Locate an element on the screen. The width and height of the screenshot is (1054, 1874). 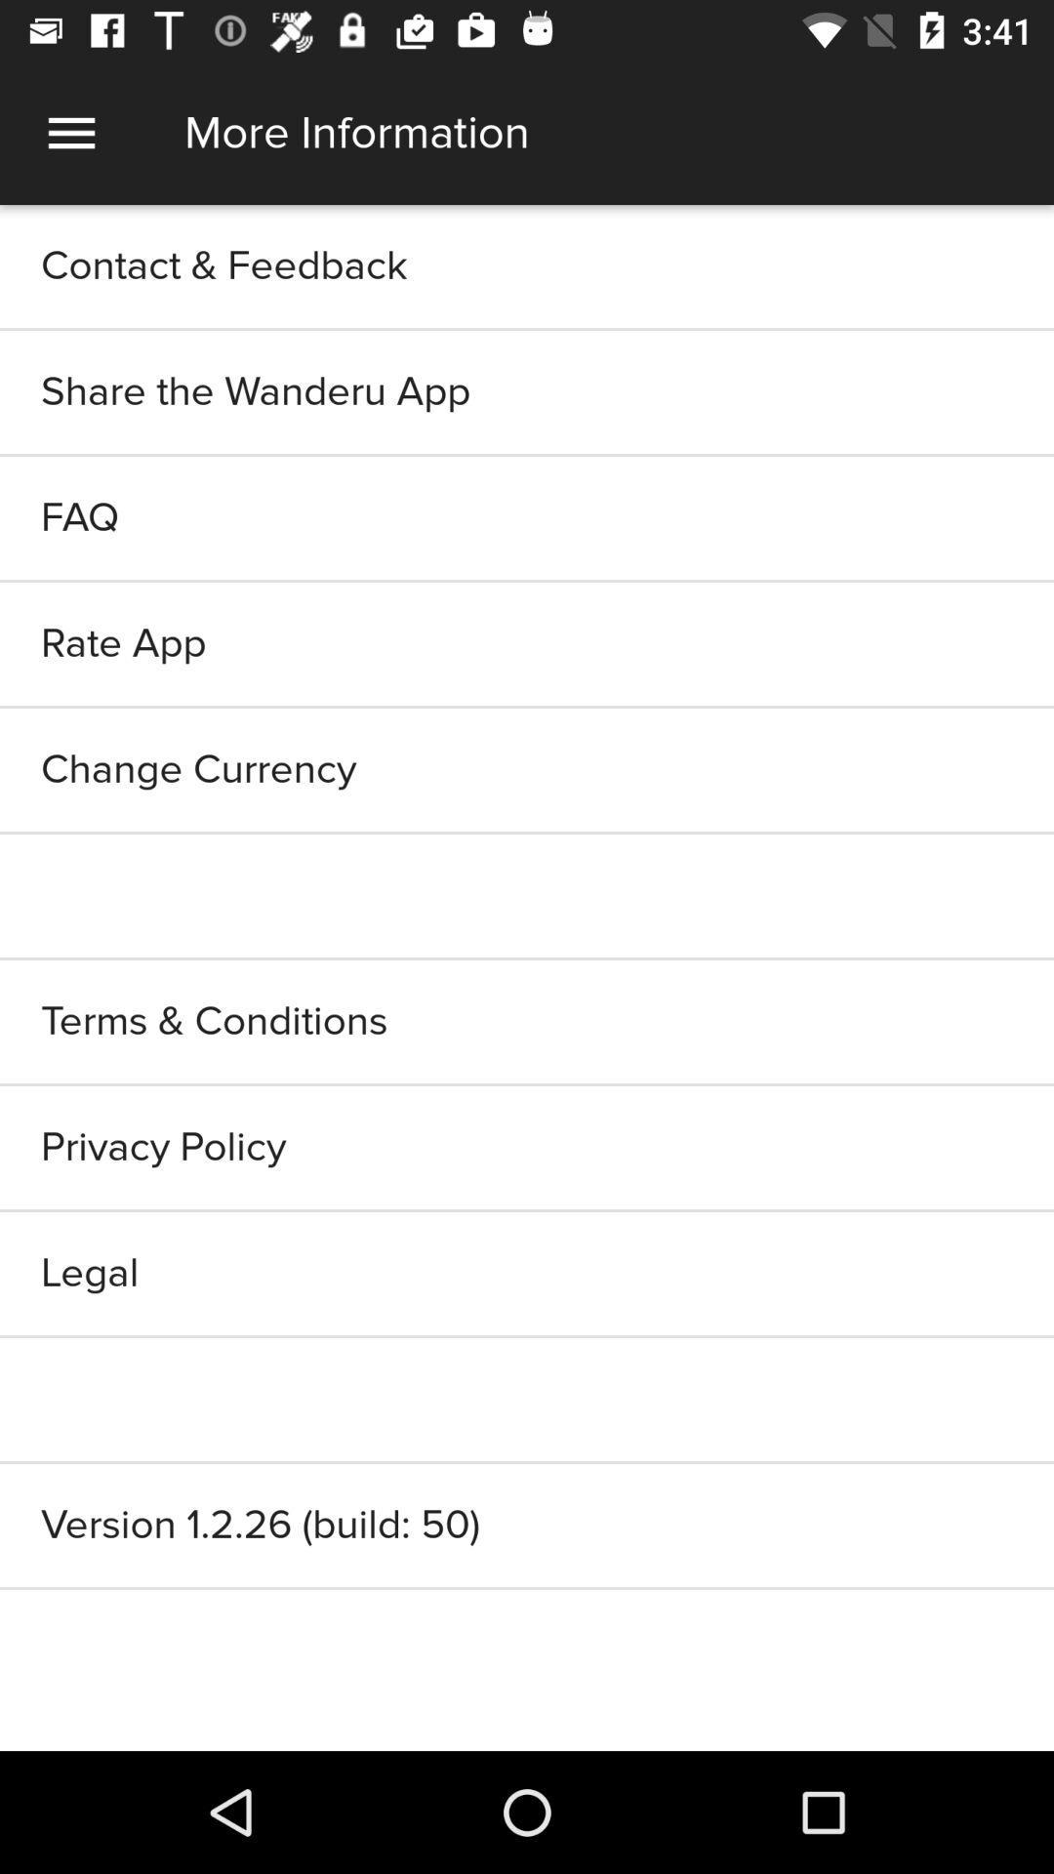
item below rate app is located at coordinates (527, 768).